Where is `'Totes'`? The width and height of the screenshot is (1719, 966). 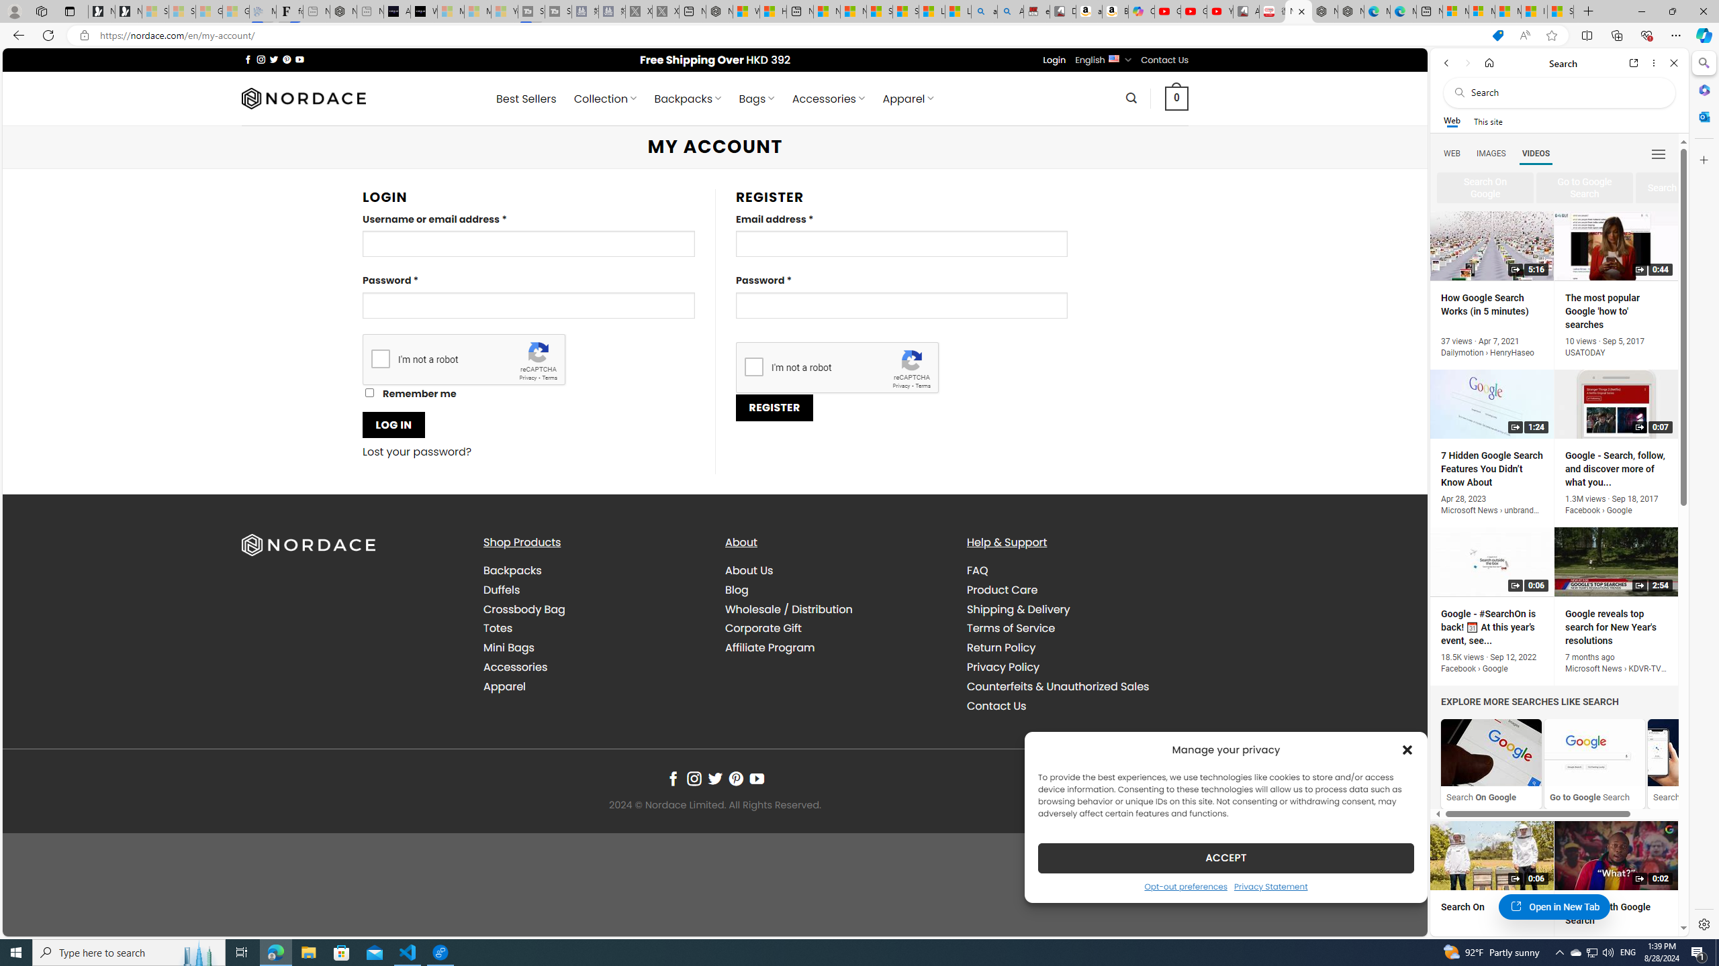 'Totes' is located at coordinates (498, 627).